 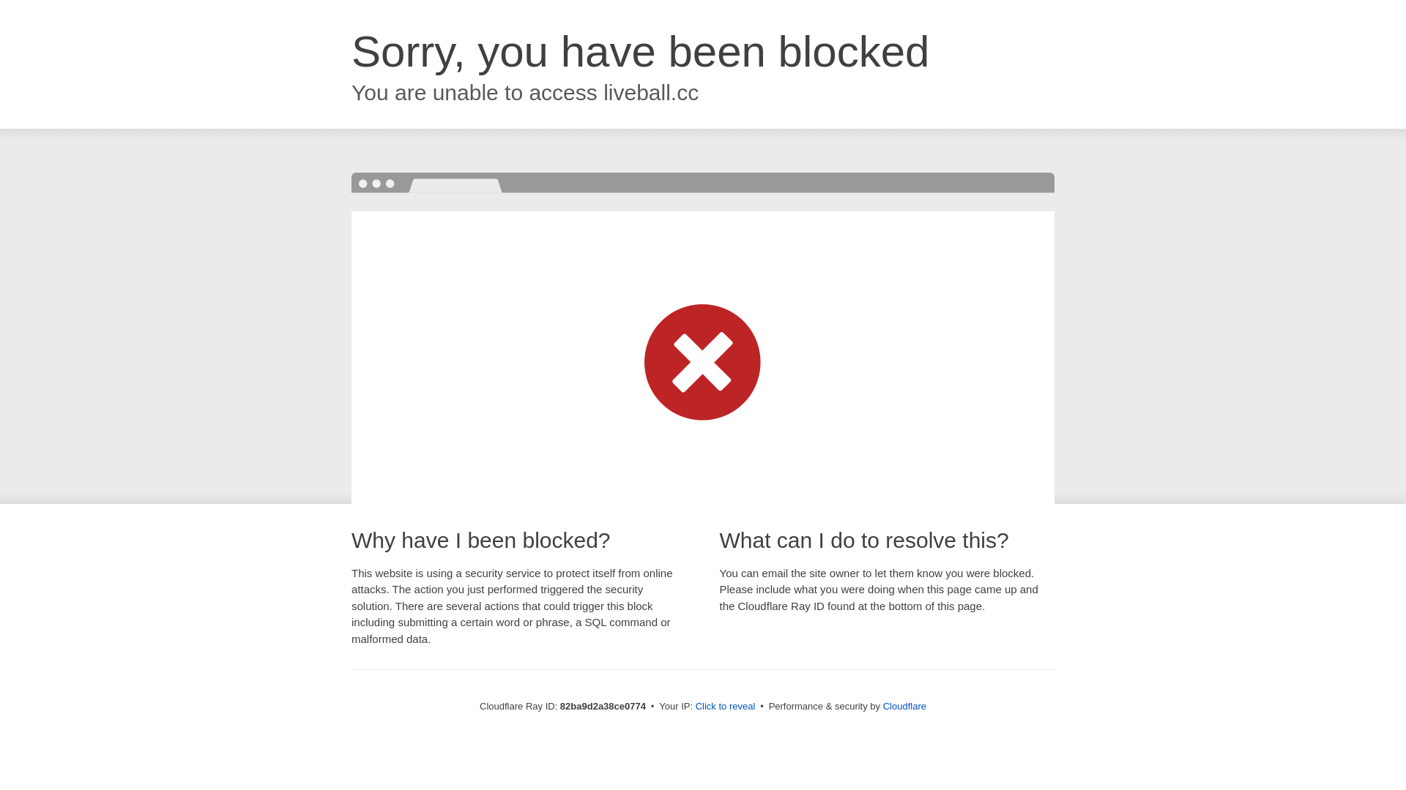 What do you see at coordinates (904, 705) in the screenshot?
I see `'Cloudflare'` at bounding box center [904, 705].